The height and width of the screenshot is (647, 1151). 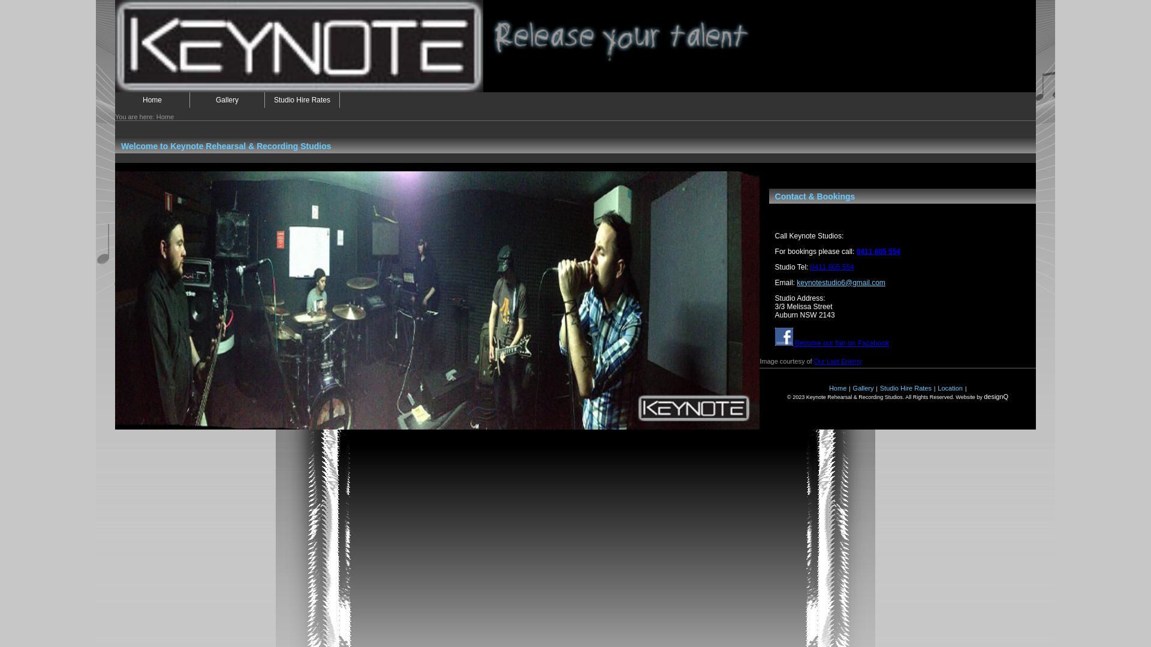 I want to click on '0411 605 554', so click(x=878, y=251).